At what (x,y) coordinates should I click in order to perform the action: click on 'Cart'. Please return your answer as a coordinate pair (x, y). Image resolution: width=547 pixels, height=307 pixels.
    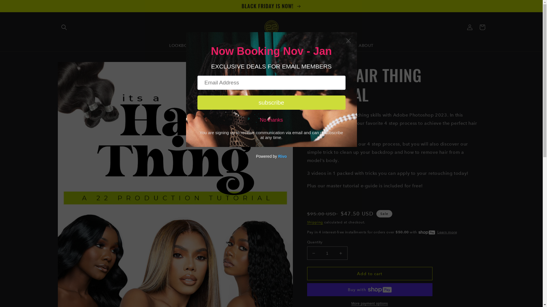
    Looking at the image, I should click on (481, 27).